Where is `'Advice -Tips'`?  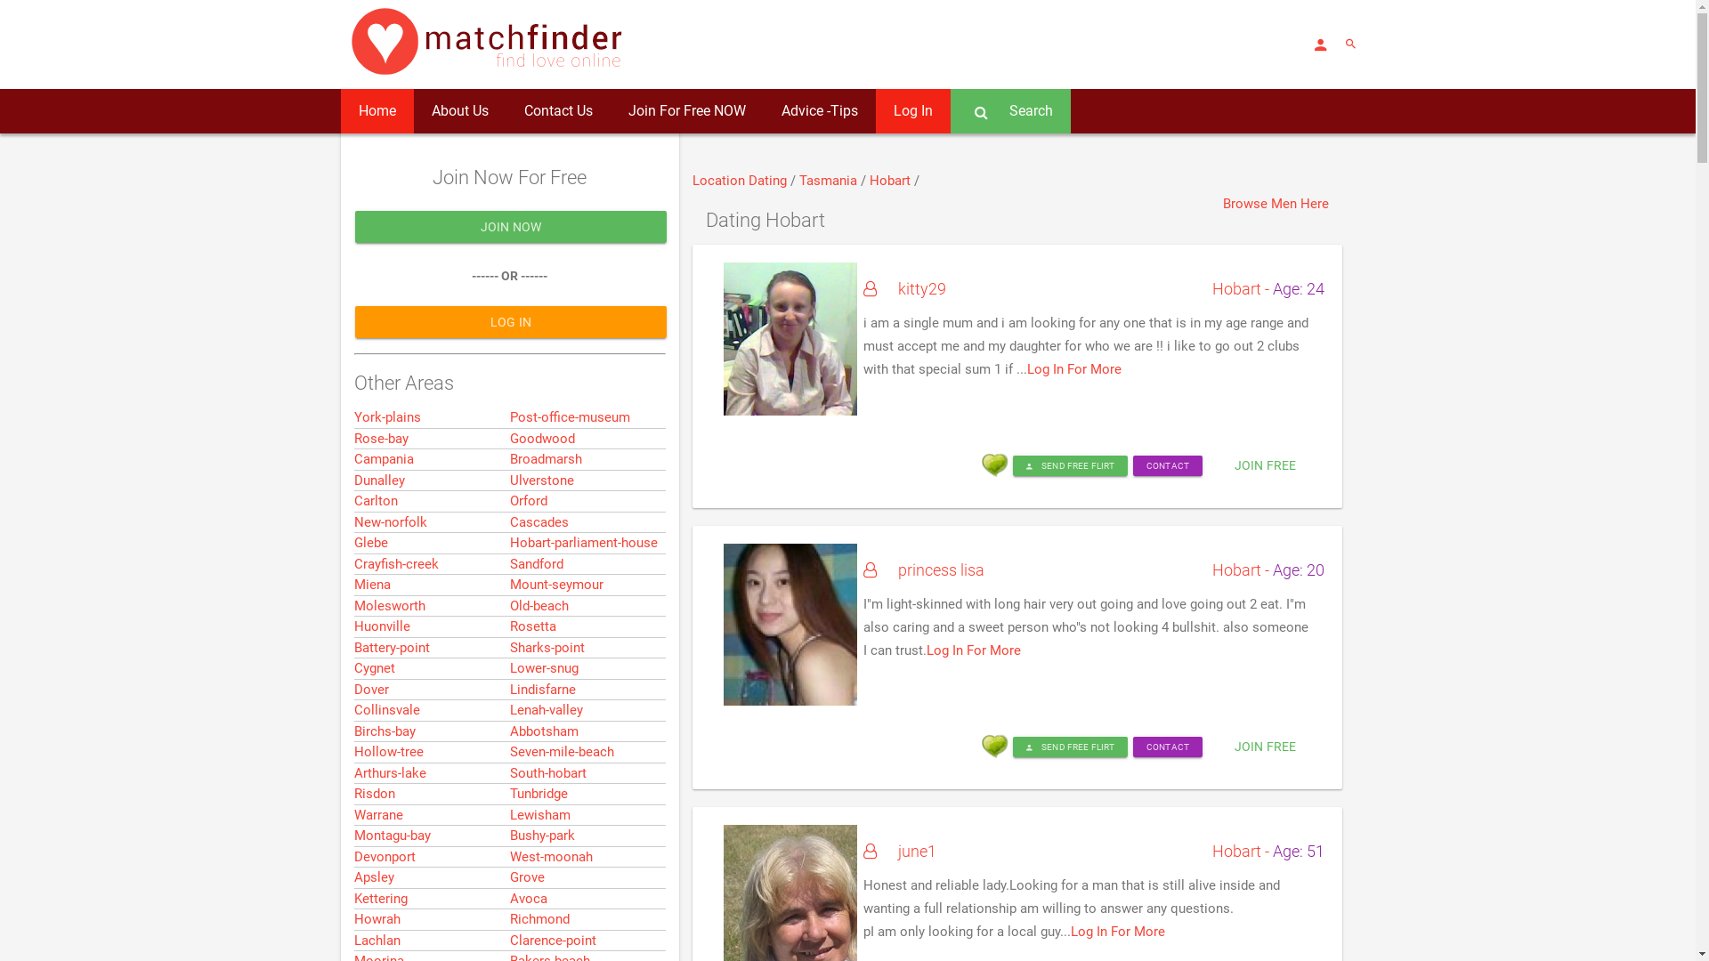 'Advice -Tips' is located at coordinates (819, 110).